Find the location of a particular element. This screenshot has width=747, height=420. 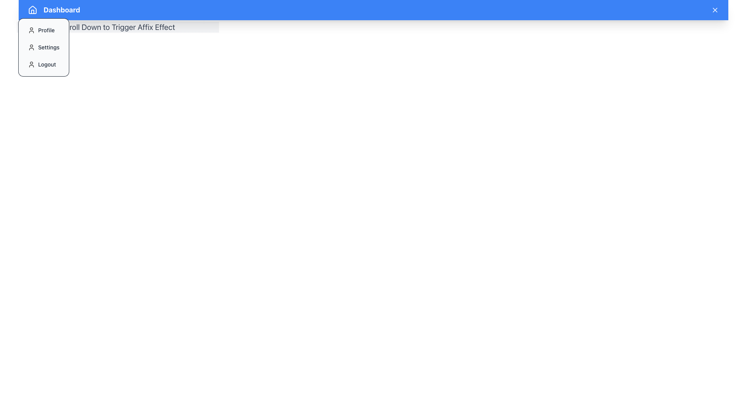

the interactive list item labeled 'Logout', which is the third item in the dropdown menu located in the top-left region of the interface is located at coordinates (43, 64).